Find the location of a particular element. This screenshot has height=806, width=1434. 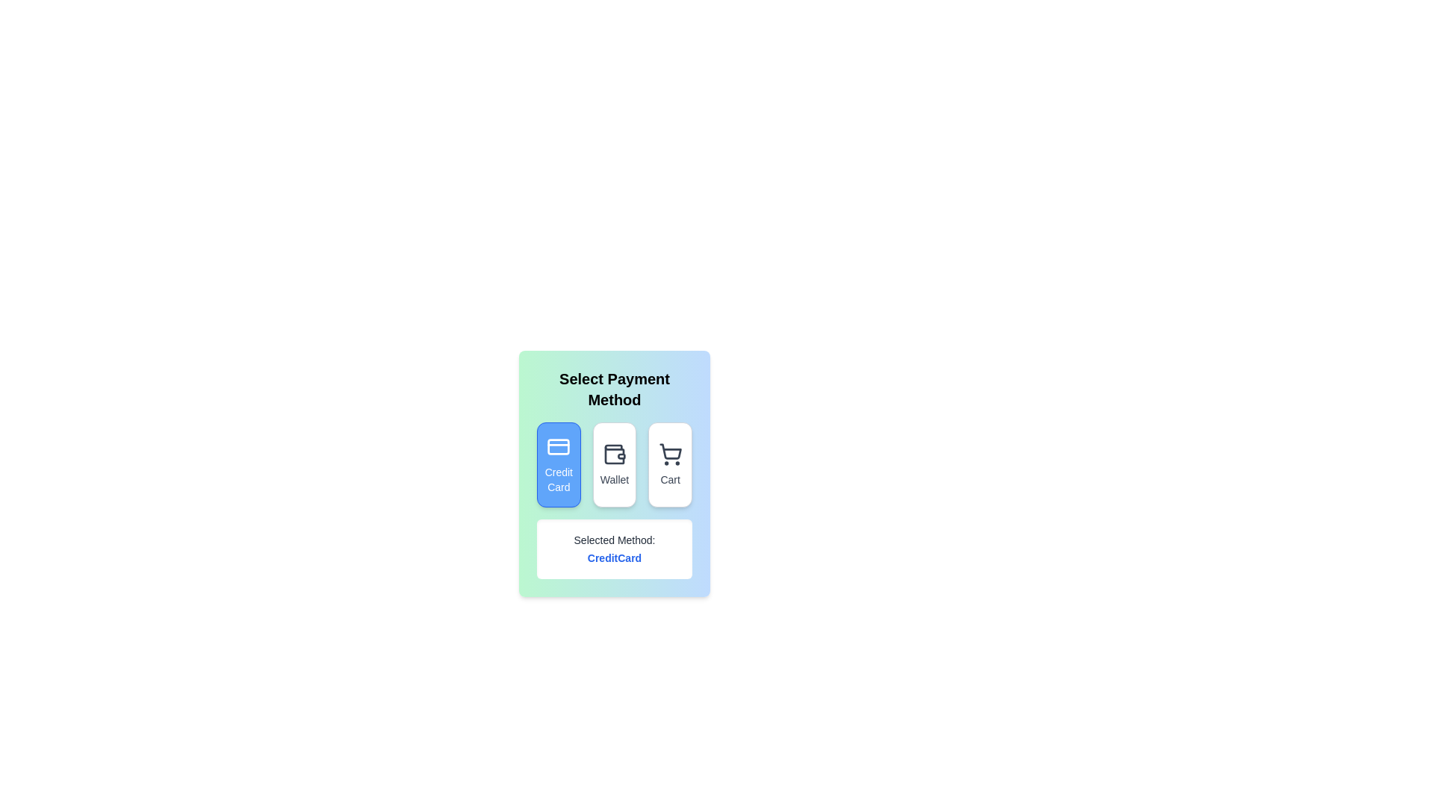

the payment method Wallet by clicking its corresponding button is located at coordinates (614, 464).